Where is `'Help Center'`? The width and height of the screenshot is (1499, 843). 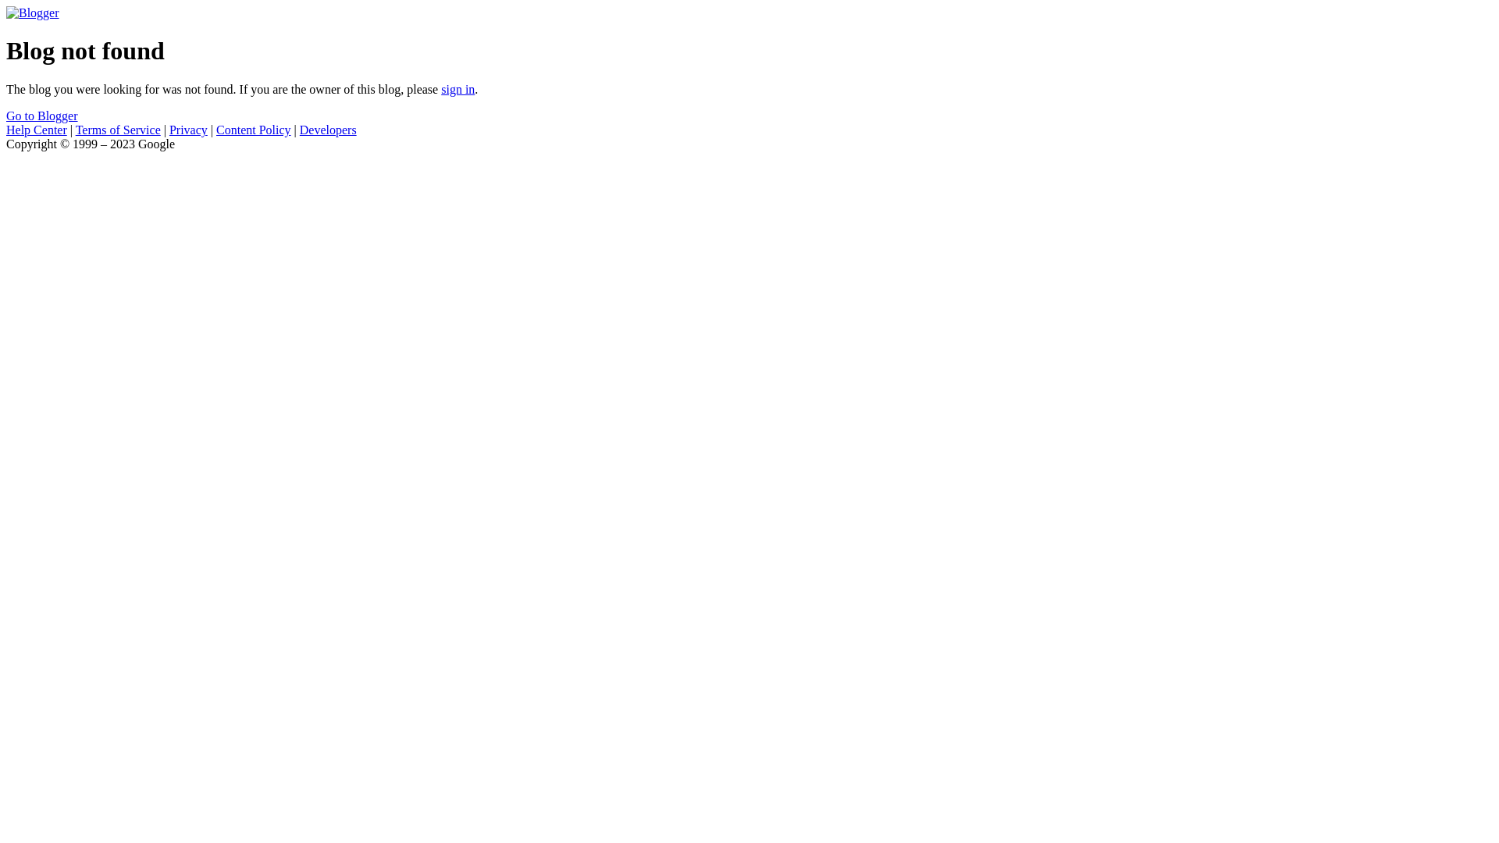 'Help Center' is located at coordinates (37, 129).